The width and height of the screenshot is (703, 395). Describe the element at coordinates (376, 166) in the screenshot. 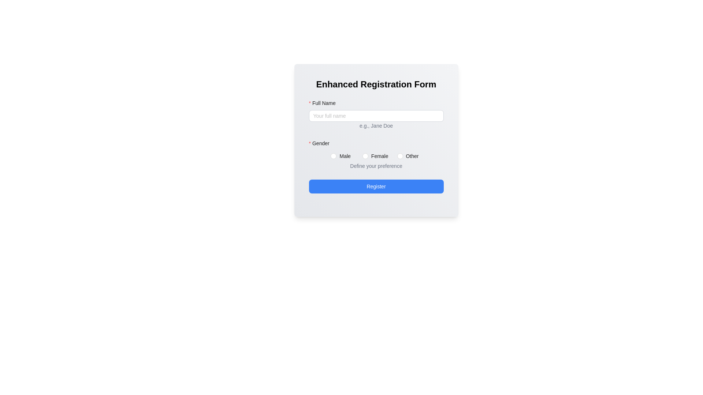

I see `the small gray text element saying 'Define your preference', located below the gender selection radio buttons` at that location.